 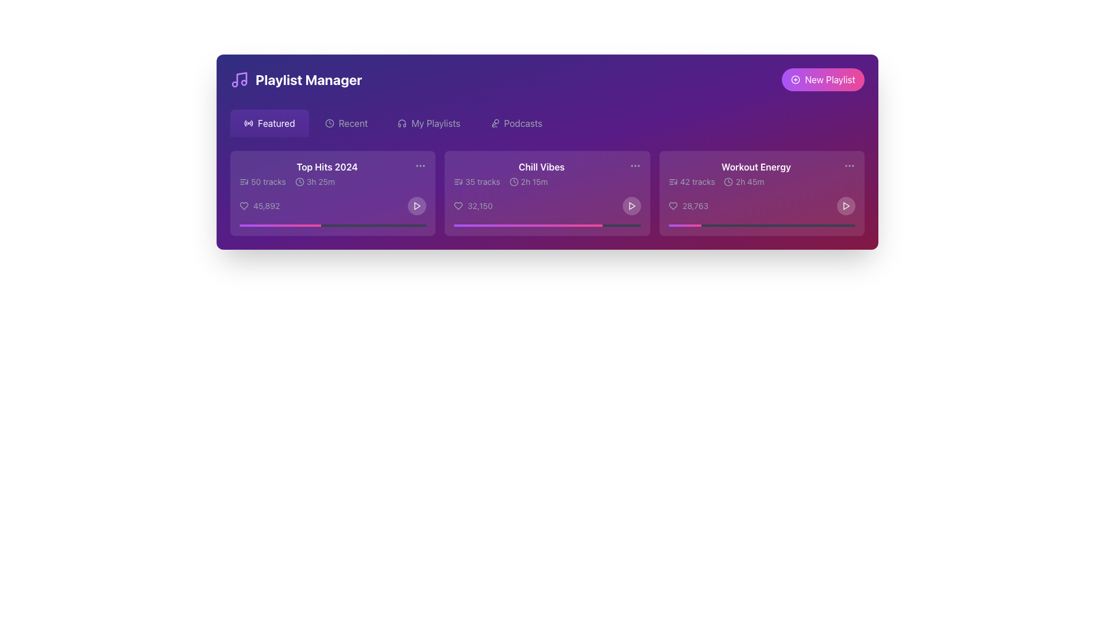 I want to click on the progress visually on the filled portion of the progress bar segment for the 'Workout Energy' playlist, located to the right of the progress bars in the cards 'Top Hits 2024' and 'Chill Vibes', so click(x=685, y=226).